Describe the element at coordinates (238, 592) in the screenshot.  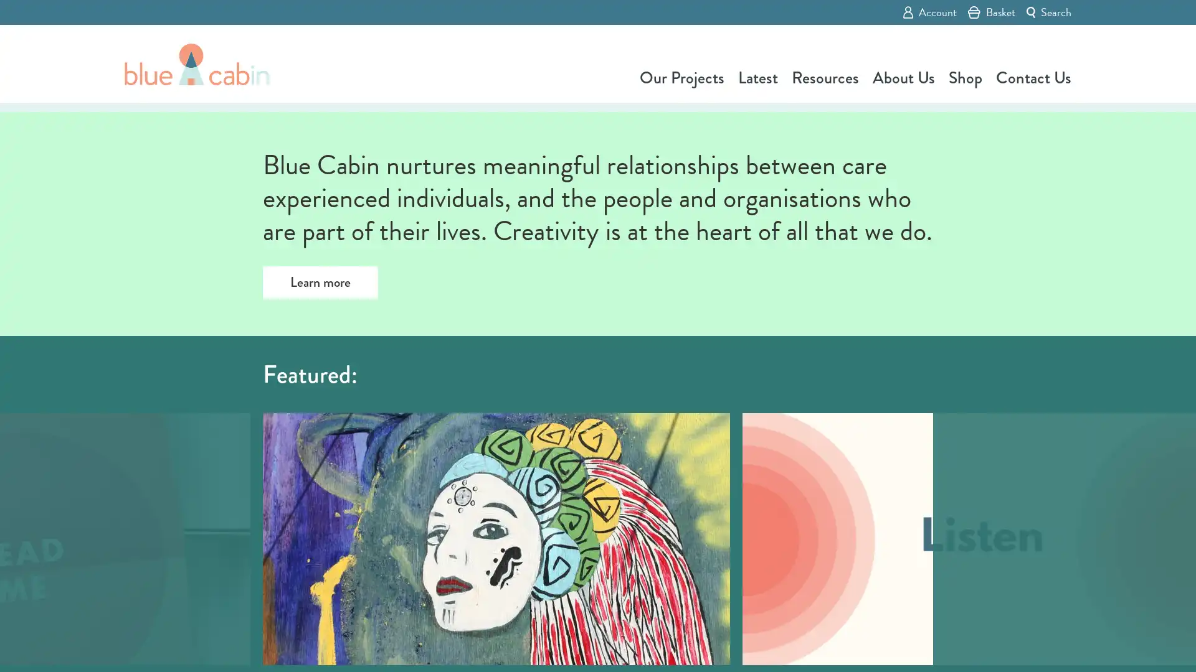
I see `Previous` at that location.